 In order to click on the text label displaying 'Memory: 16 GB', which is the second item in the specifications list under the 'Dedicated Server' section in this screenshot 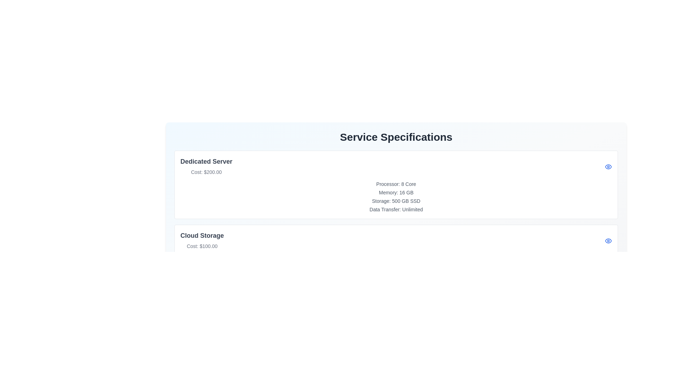, I will do `click(396, 193)`.